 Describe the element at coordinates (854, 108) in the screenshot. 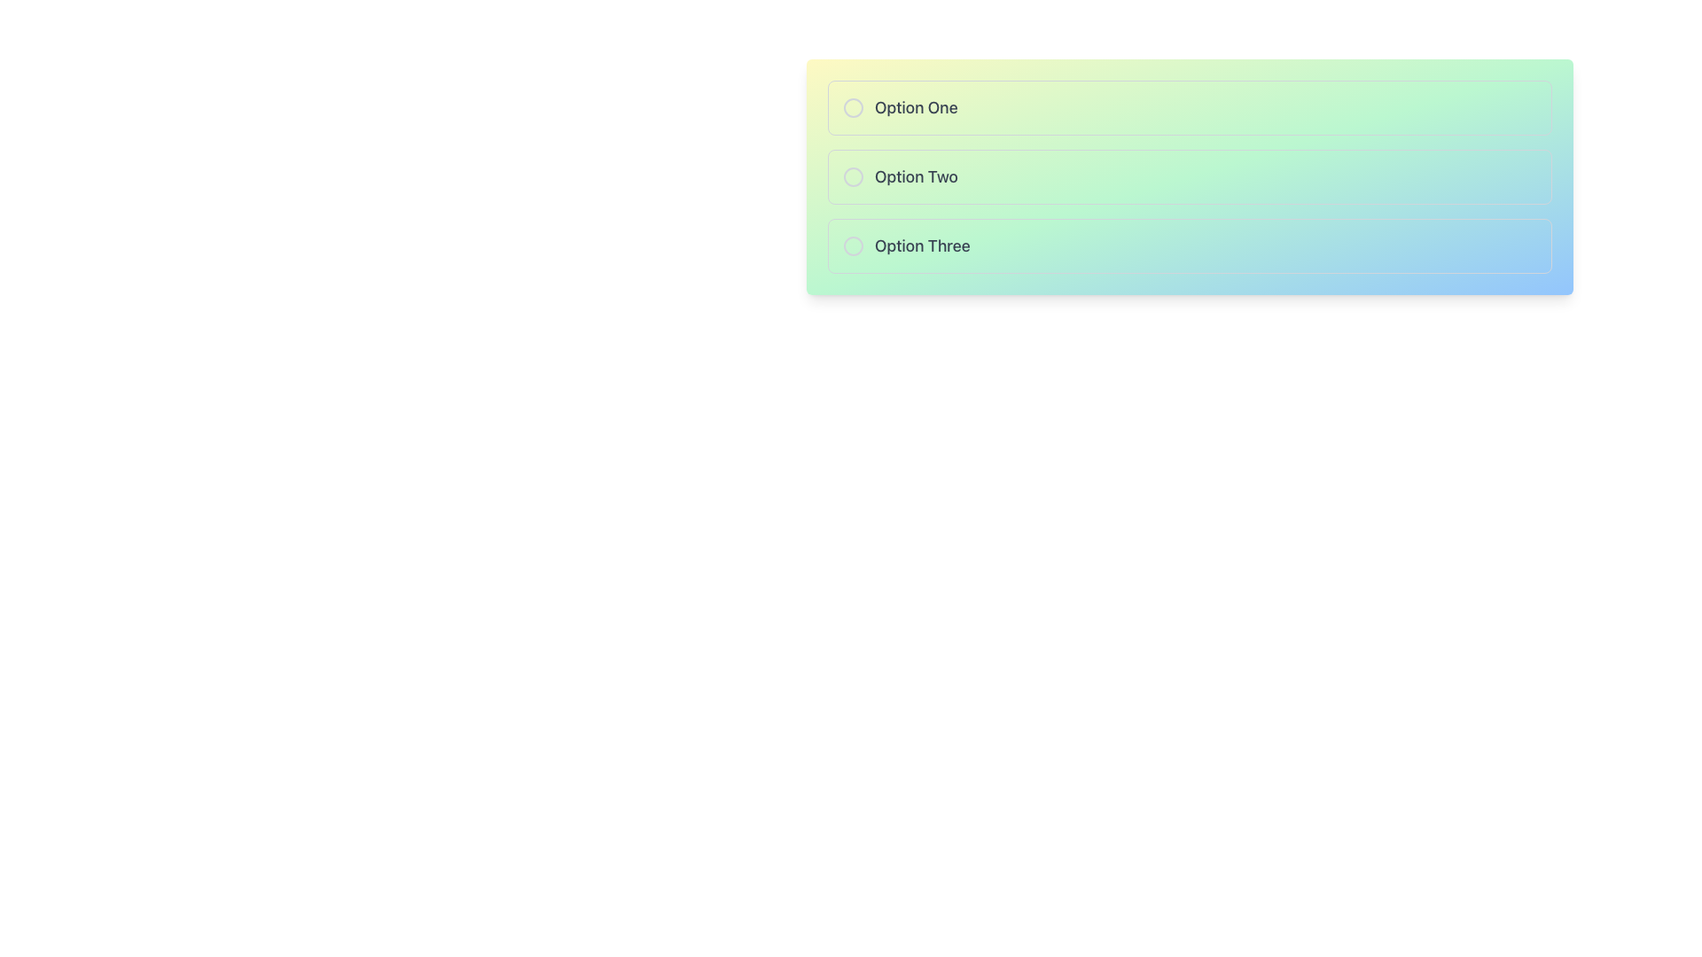

I see `the circular radio button indicator` at that location.